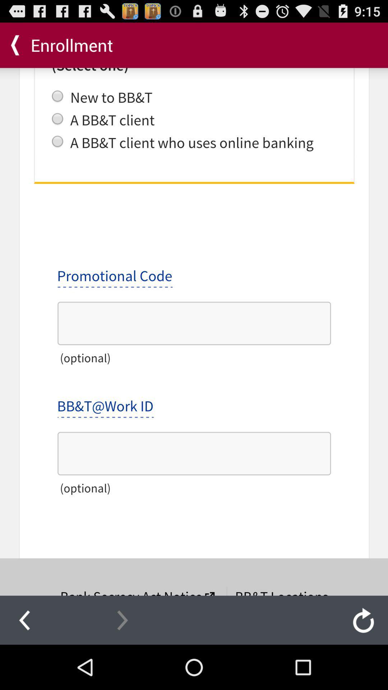  Describe the element at coordinates (122, 620) in the screenshot. I see `next` at that location.